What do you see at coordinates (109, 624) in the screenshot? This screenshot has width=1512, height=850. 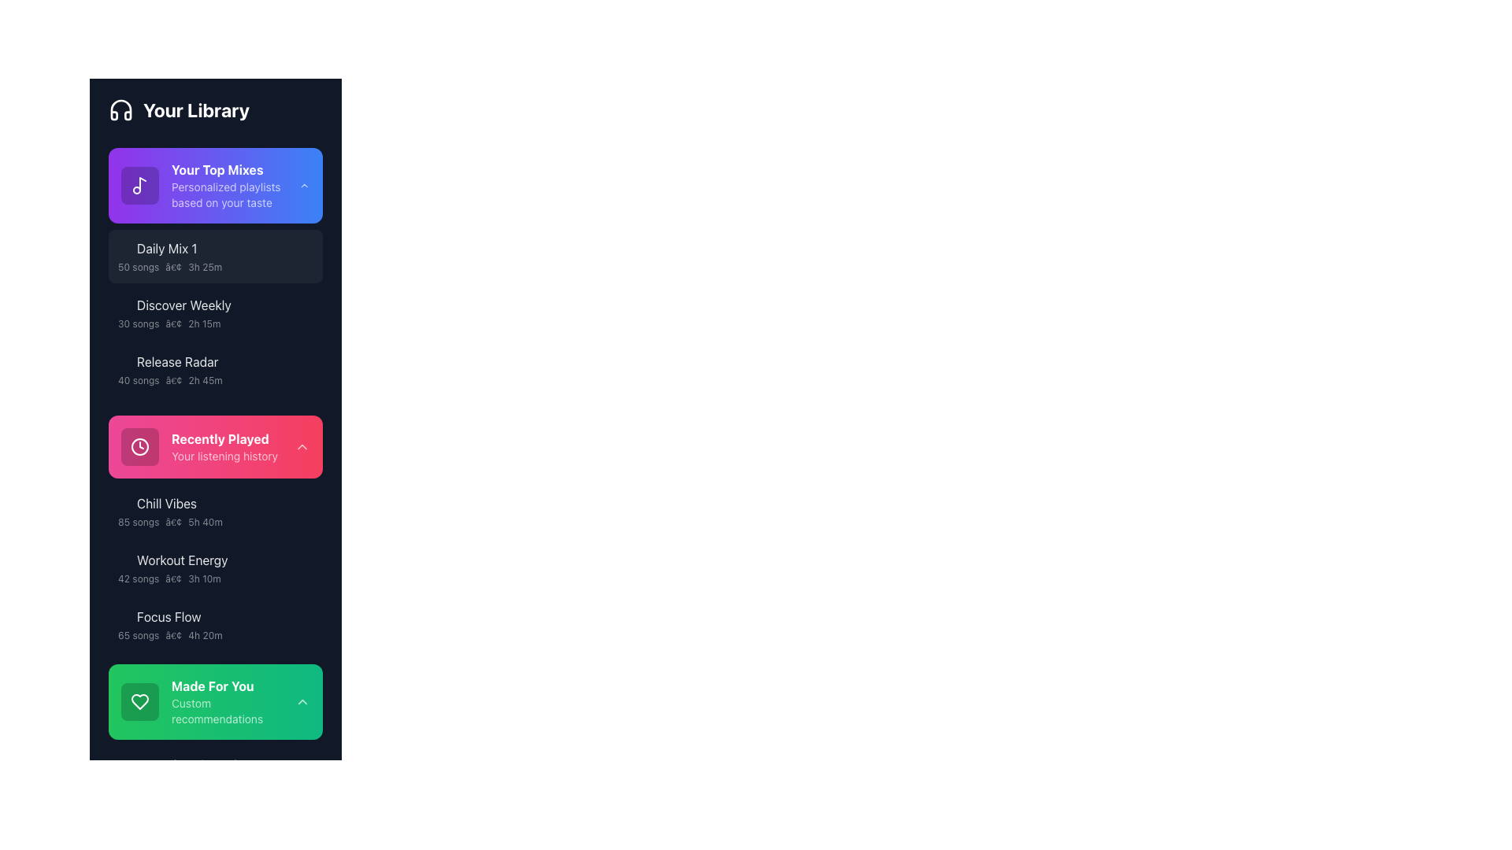 I see `the narrow vertical bar on the left edge of the 'Focus Flow' section under 'Your Library', which features a gradient styling transitioning from semi-transparent white to completely transparent` at bounding box center [109, 624].